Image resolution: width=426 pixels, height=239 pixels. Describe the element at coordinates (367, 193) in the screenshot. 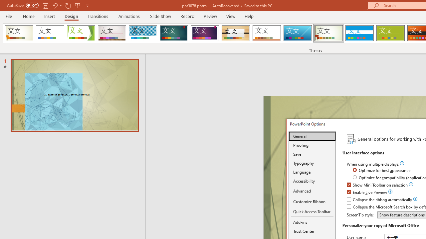

I see `'Enable Live Preview'` at that location.